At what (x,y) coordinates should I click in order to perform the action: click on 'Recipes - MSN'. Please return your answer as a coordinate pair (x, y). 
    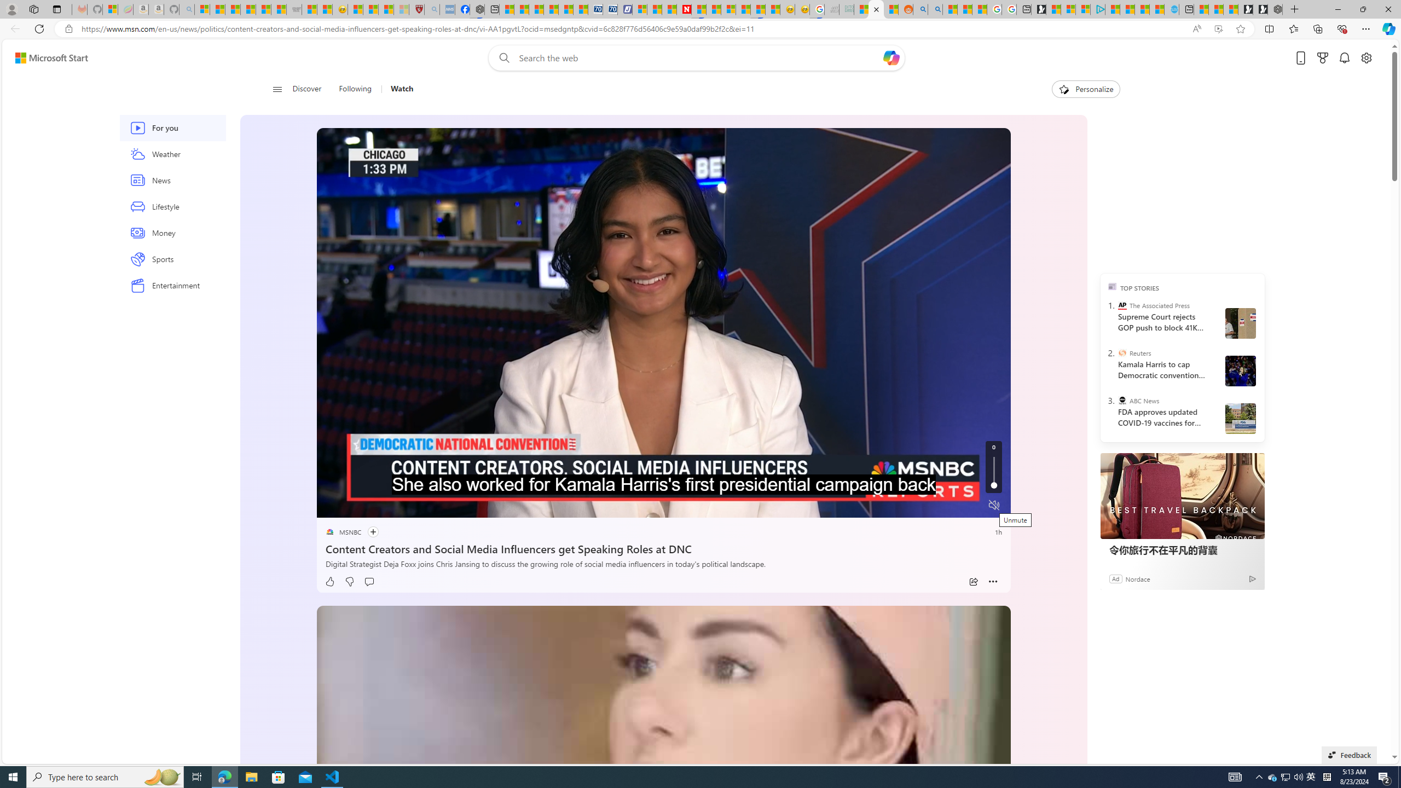
    Looking at the image, I should click on (355, 9).